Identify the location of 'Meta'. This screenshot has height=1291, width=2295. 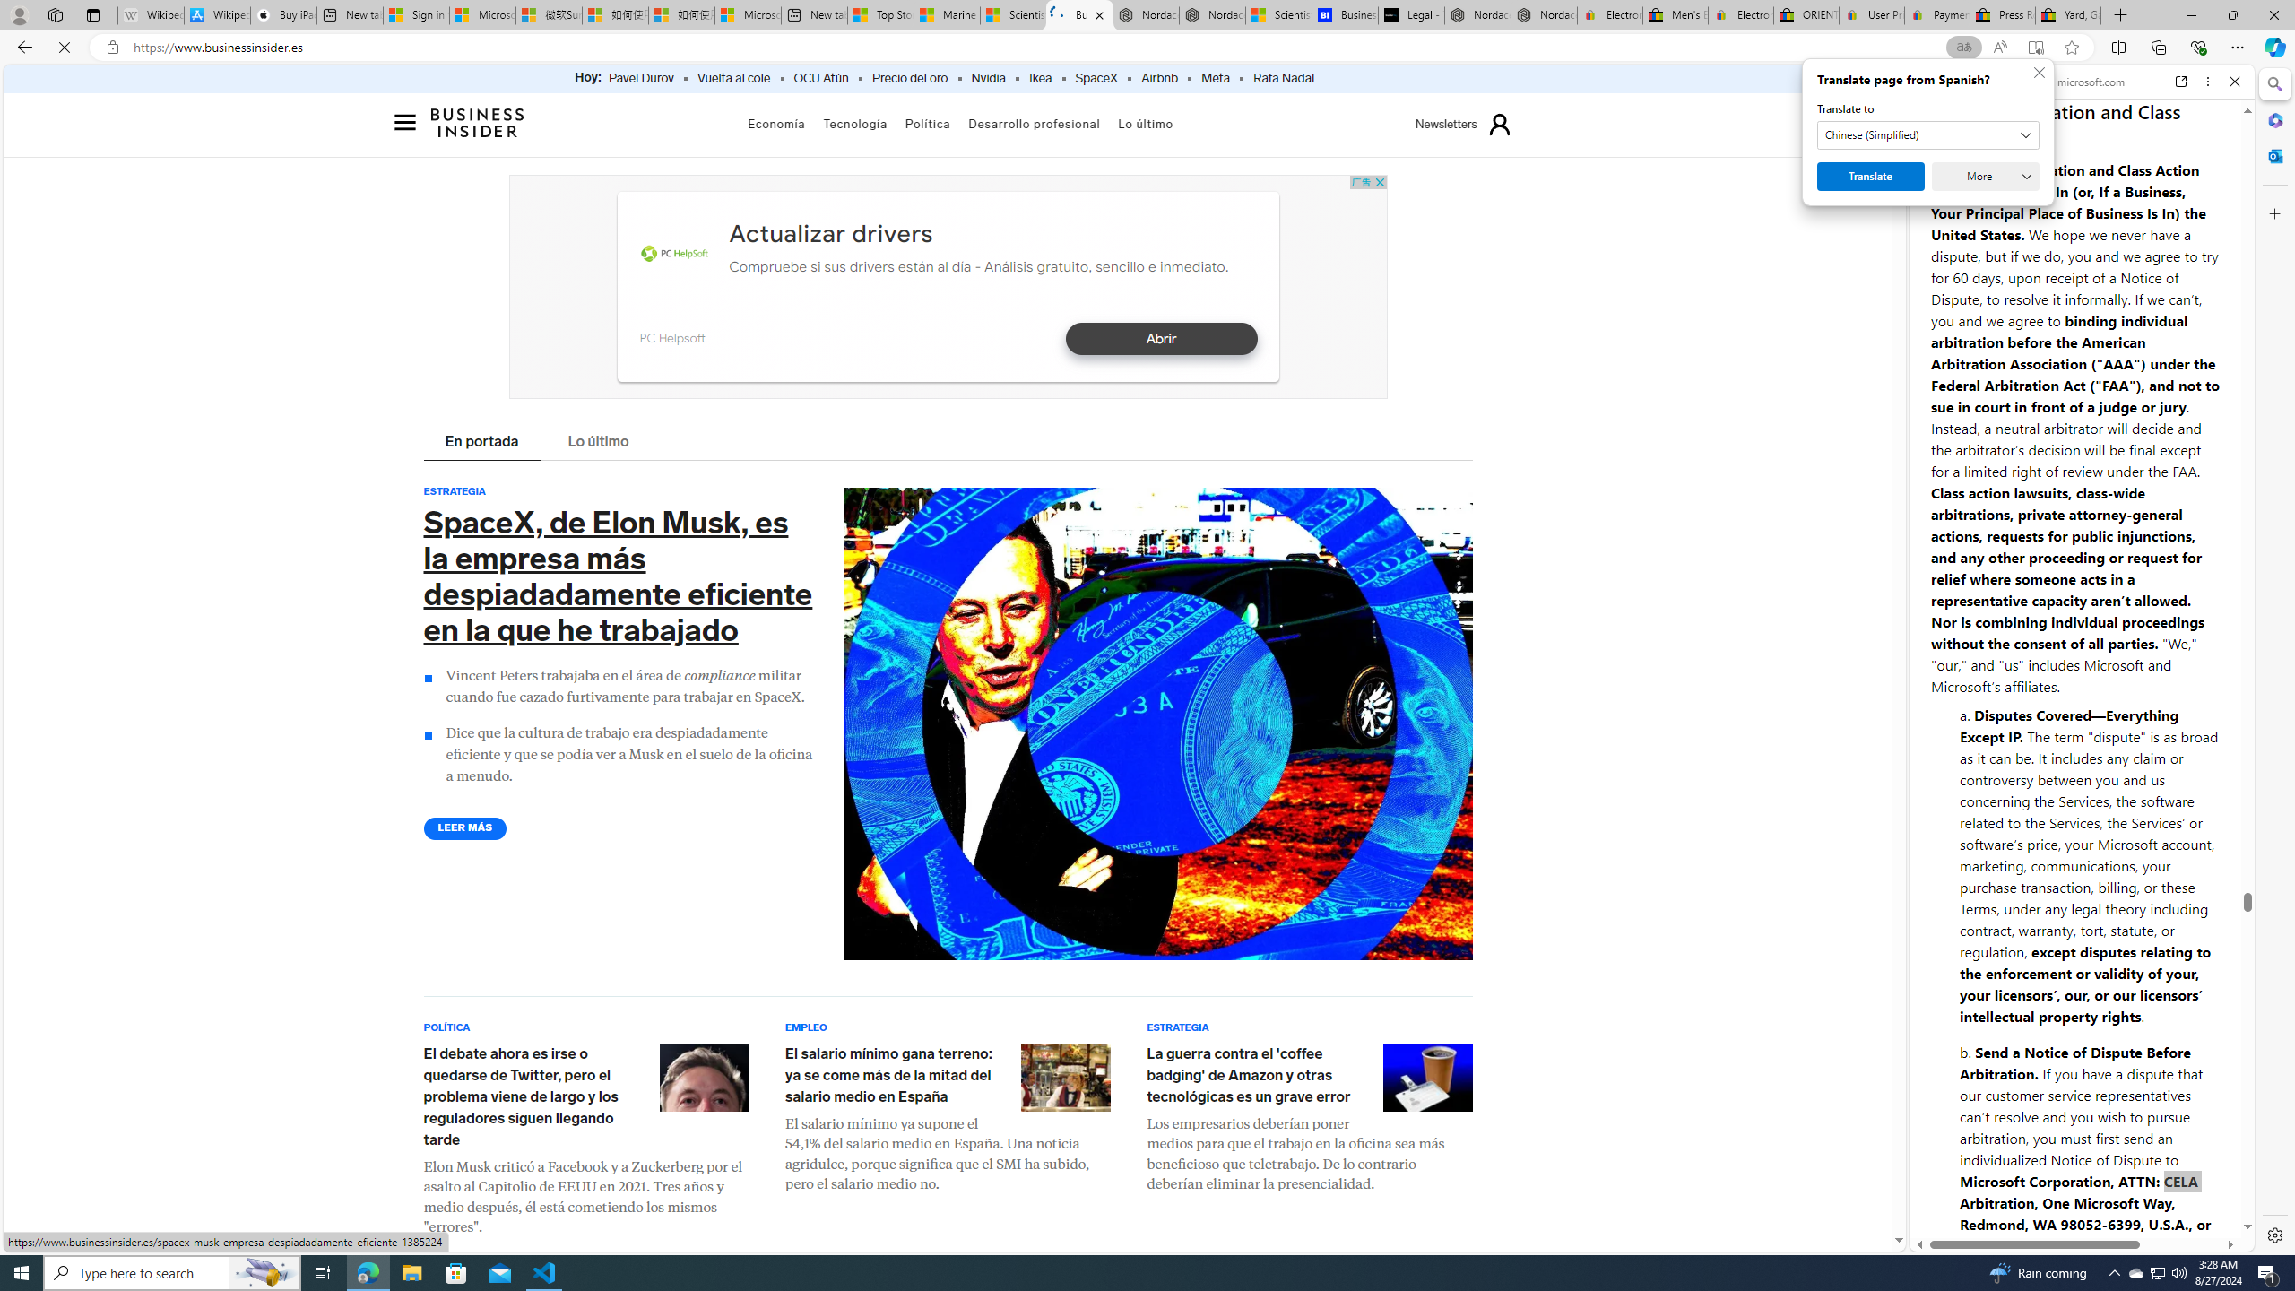
(1214, 78).